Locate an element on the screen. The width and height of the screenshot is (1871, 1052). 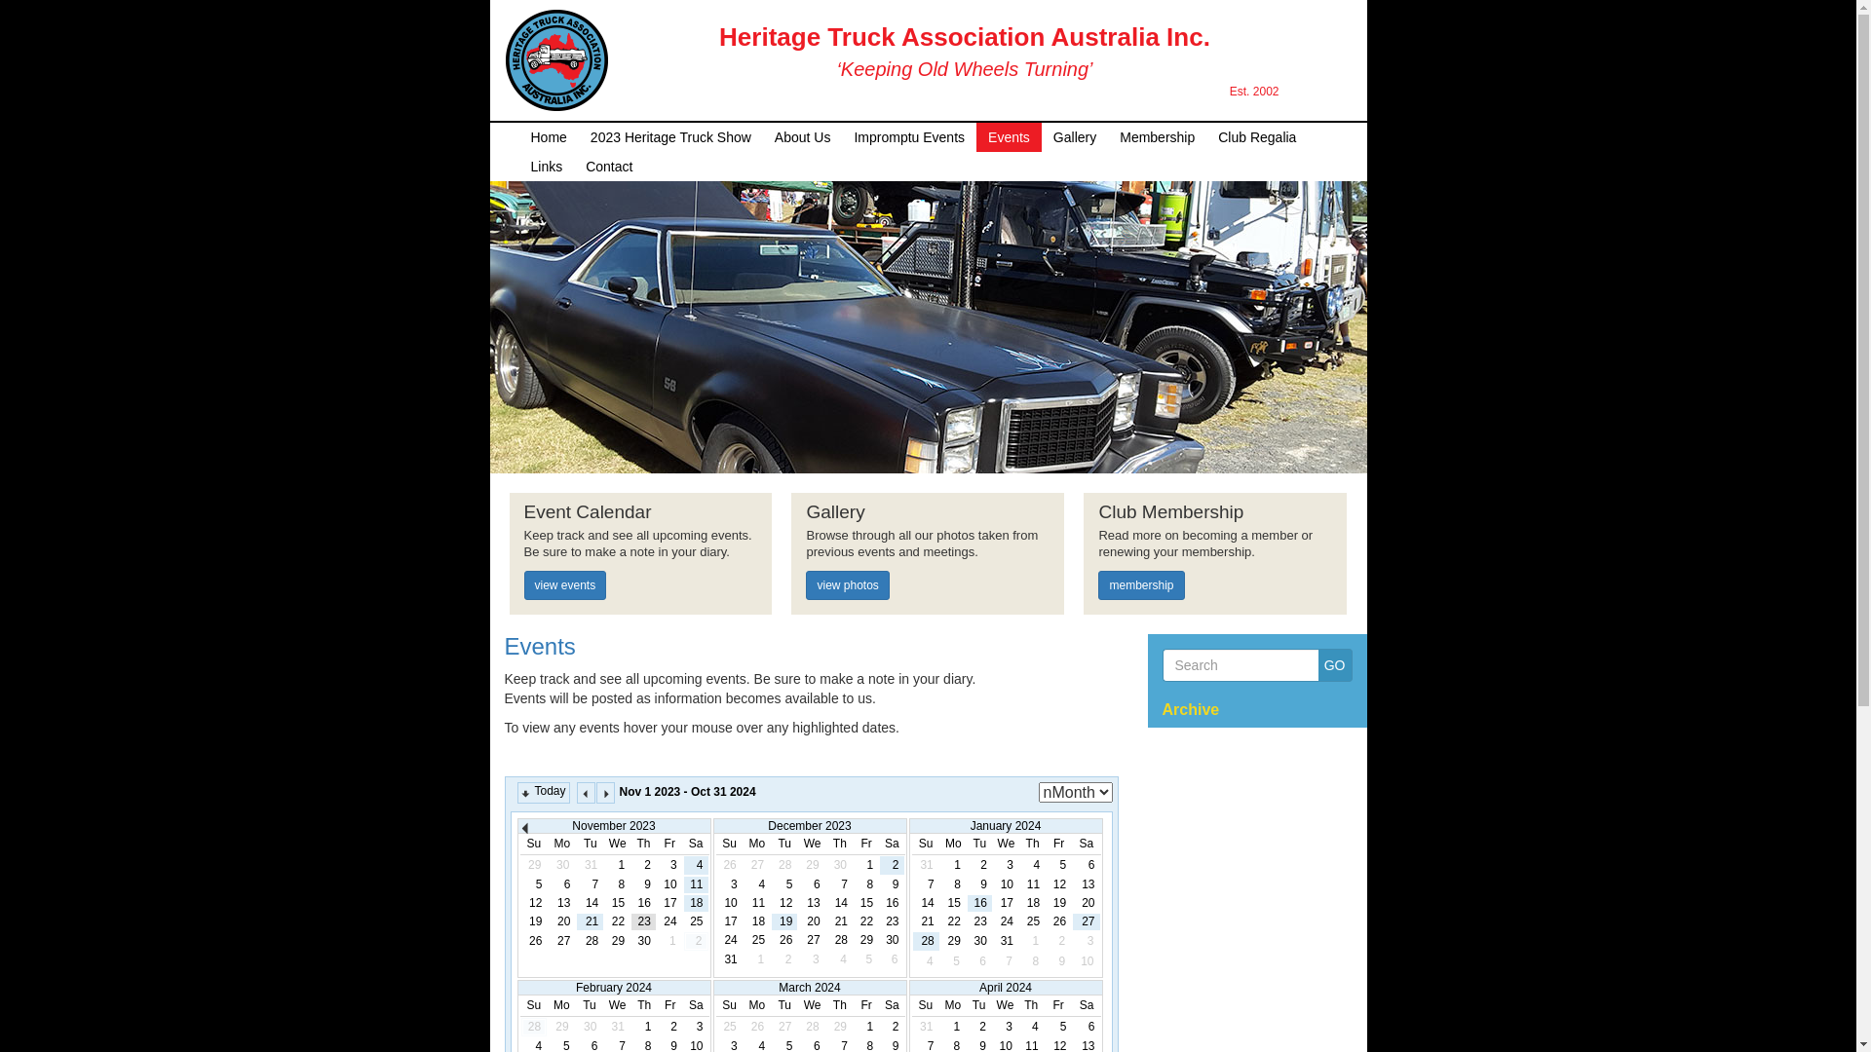
'25' is located at coordinates (696, 920).